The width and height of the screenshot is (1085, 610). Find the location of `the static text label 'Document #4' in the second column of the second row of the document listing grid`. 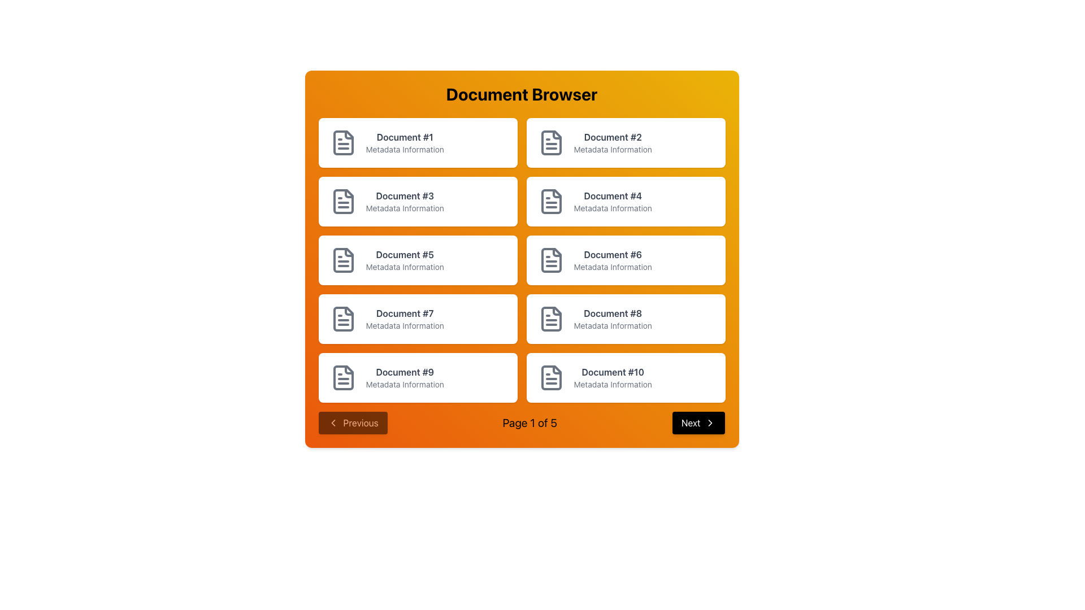

the static text label 'Document #4' in the second column of the second row of the document listing grid is located at coordinates (612, 195).